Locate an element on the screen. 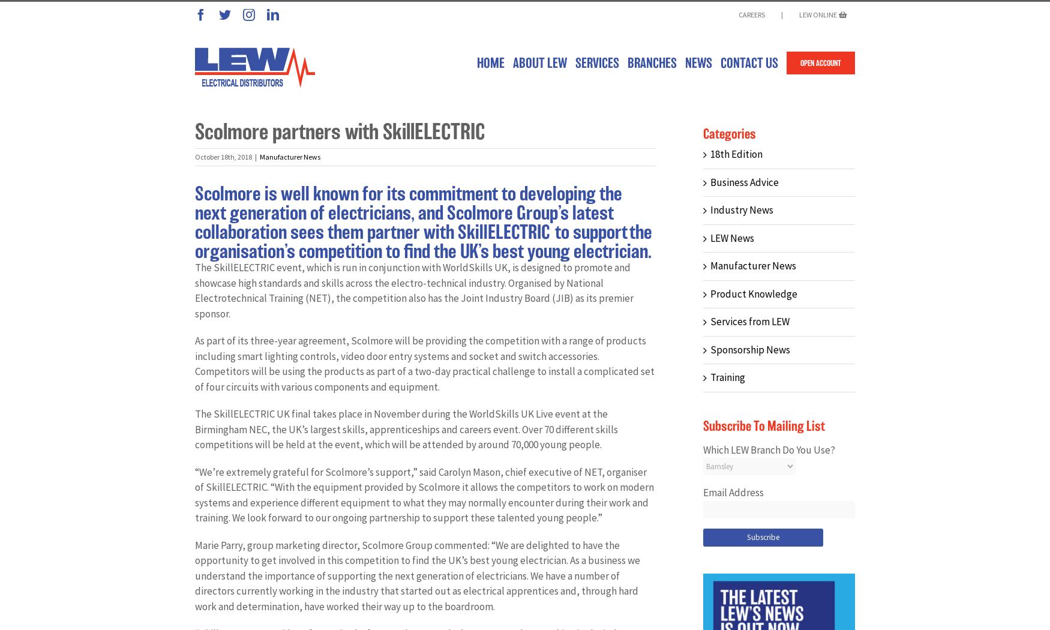 The image size is (1050, 630). 'Peterborough' is located at coordinates (667, 443).